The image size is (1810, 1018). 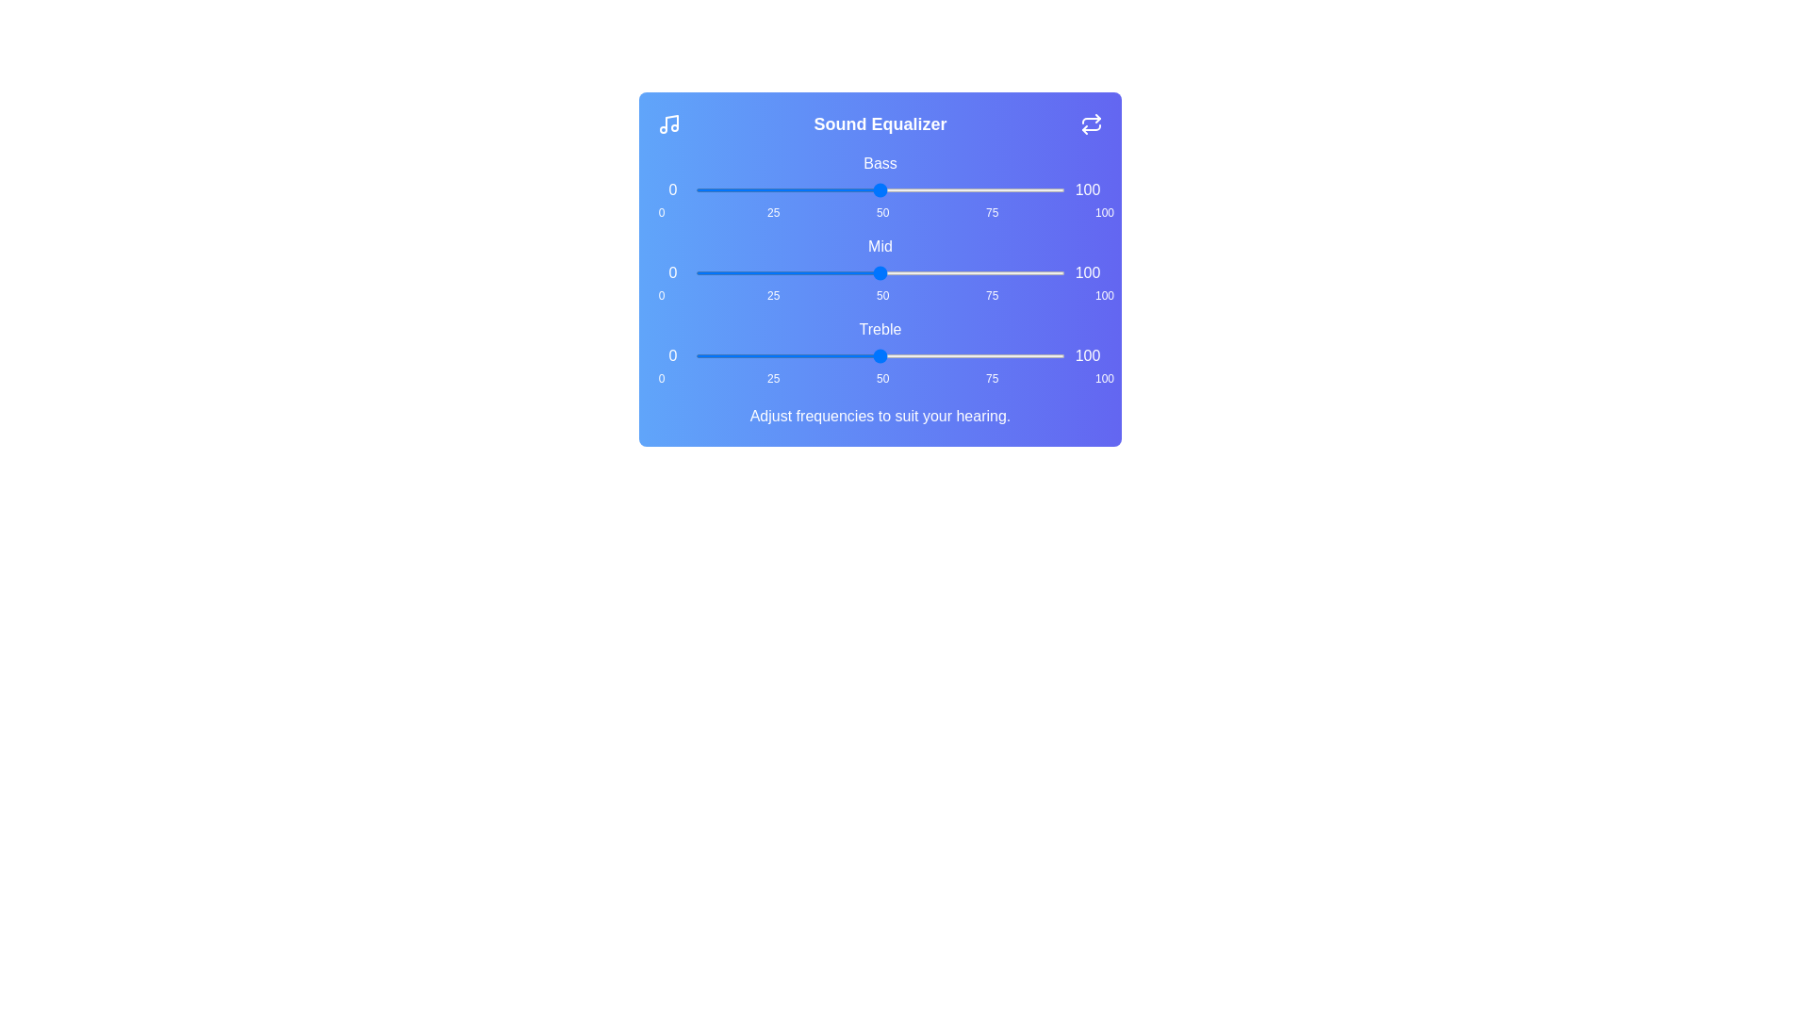 What do you see at coordinates (762, 189) in the screenshot?
I see `the bass slider to 18%` at bounding box center [762, 189].